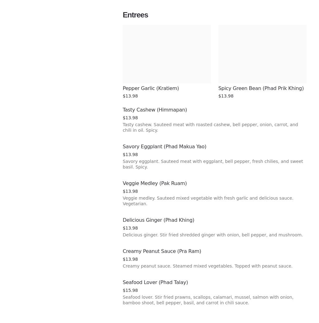 The width and height of the screenshot is (319, 323). What do you see at coordinates (261, 88) in the screenshot?
I see `'Spicy Green Bean (Phad Prik Khing)'` at bounding box center [261, 88].